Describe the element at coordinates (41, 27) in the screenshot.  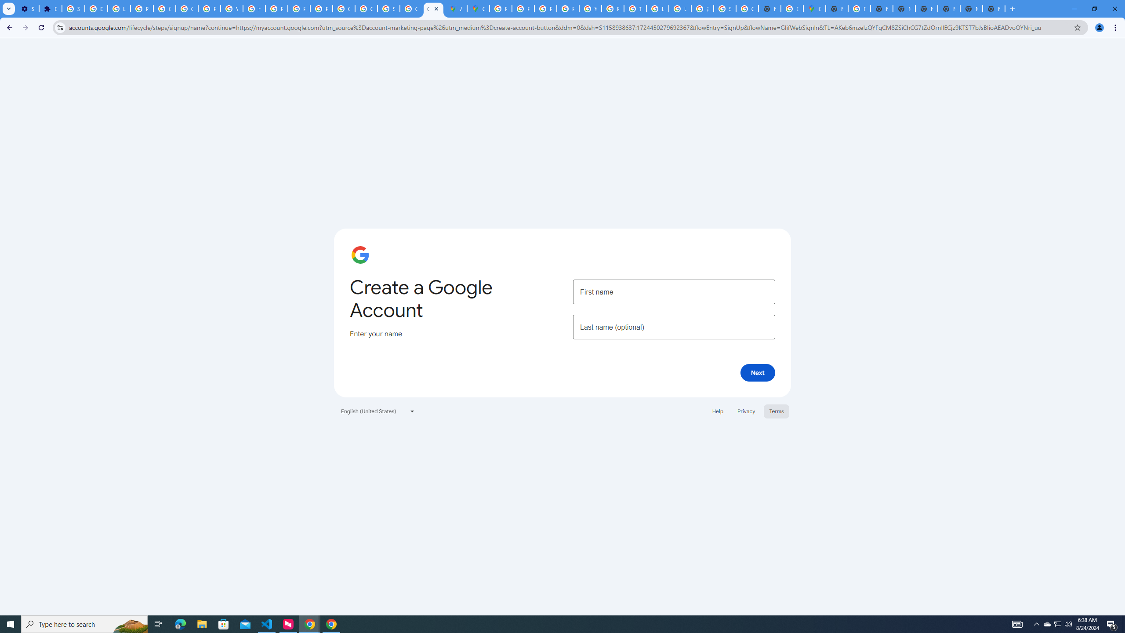
I see `'Reload'` at that location.